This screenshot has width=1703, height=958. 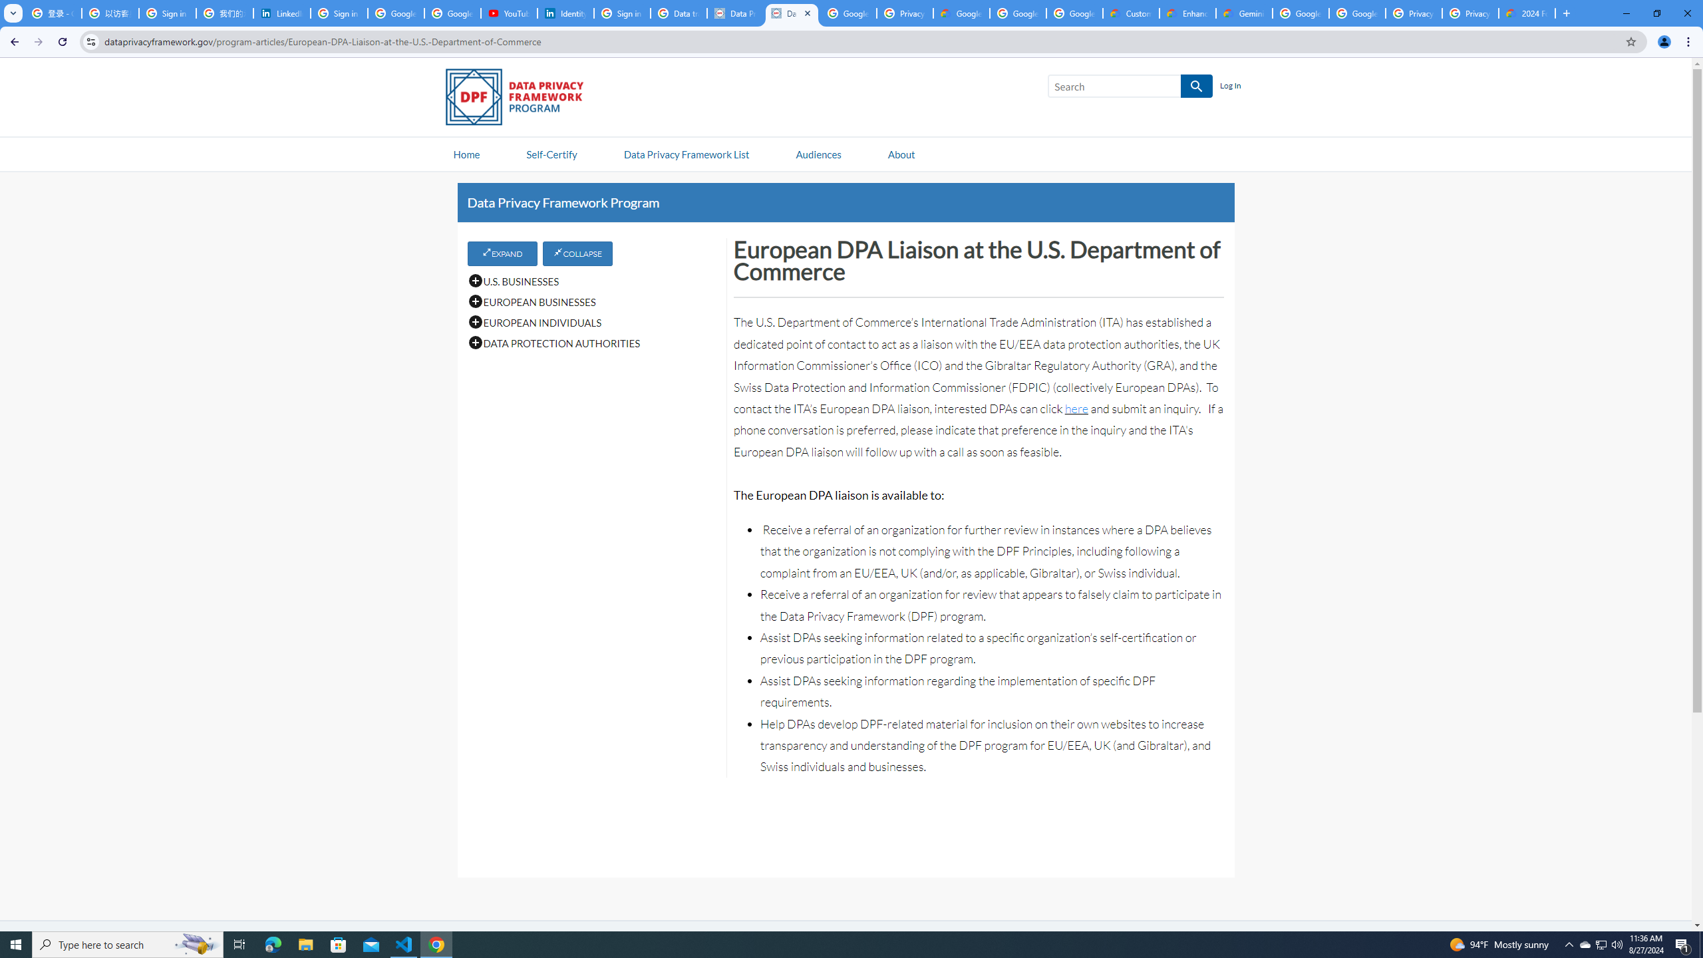 What do you see at coordinates (1130, 13) in the screenshot?
I see `'Customer Care | Google Cloud'` at bounding box center [1130, 13].